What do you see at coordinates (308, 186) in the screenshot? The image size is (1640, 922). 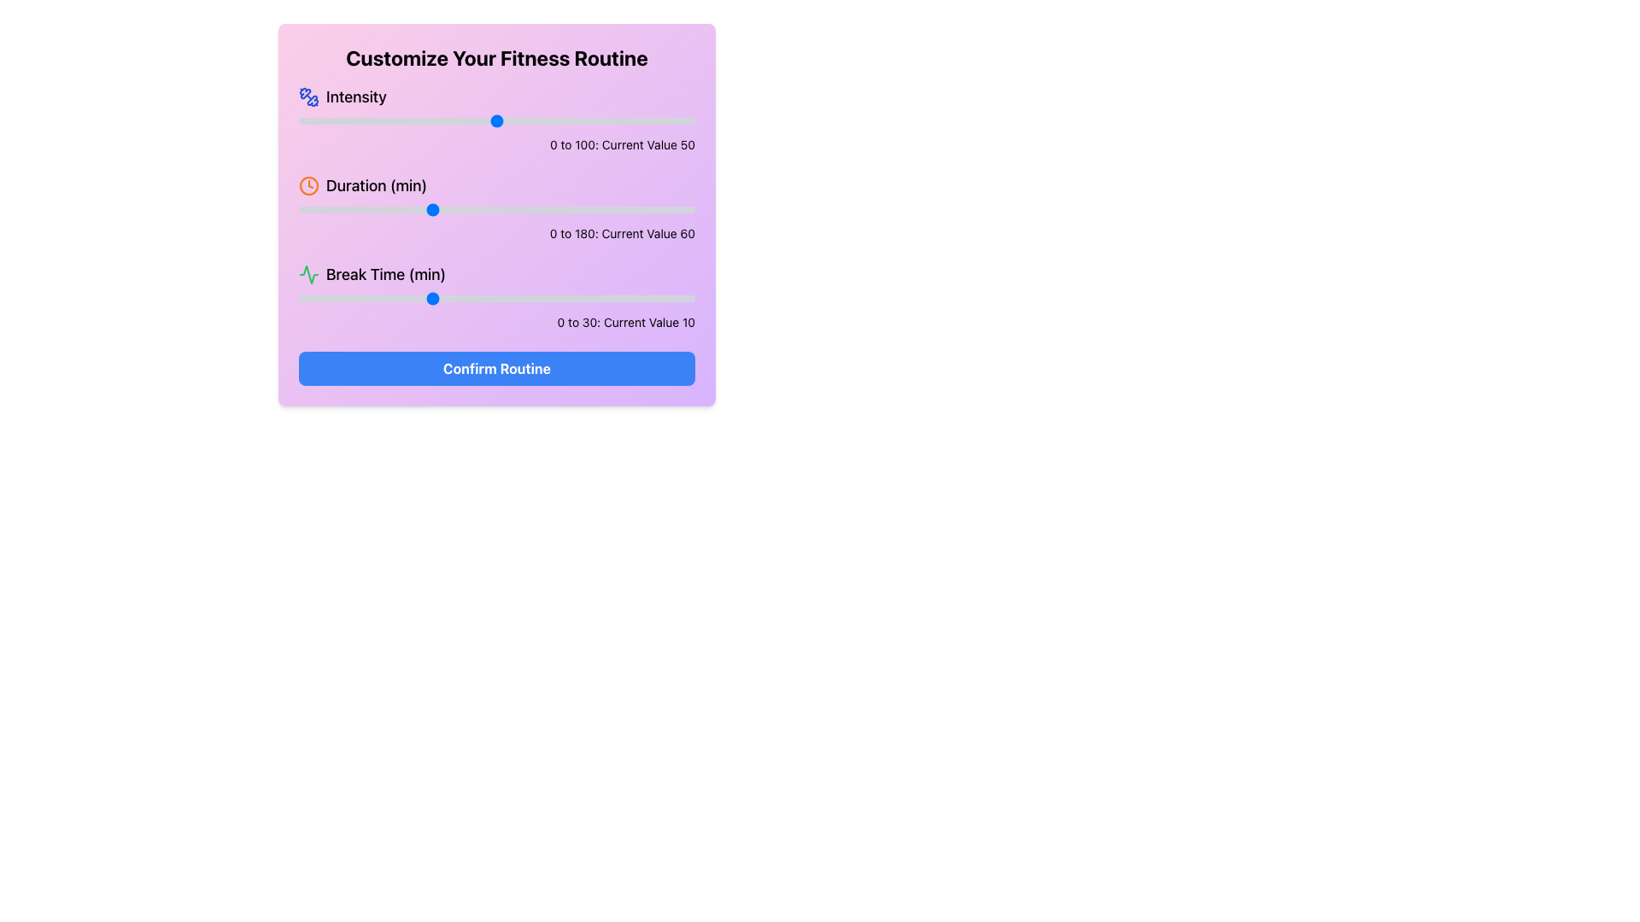 I see `the clock icon located in the 'Customize Your Fitness Routine' section, adjacent to the 'Duration (min)' label` at bounding box center [308, 186].